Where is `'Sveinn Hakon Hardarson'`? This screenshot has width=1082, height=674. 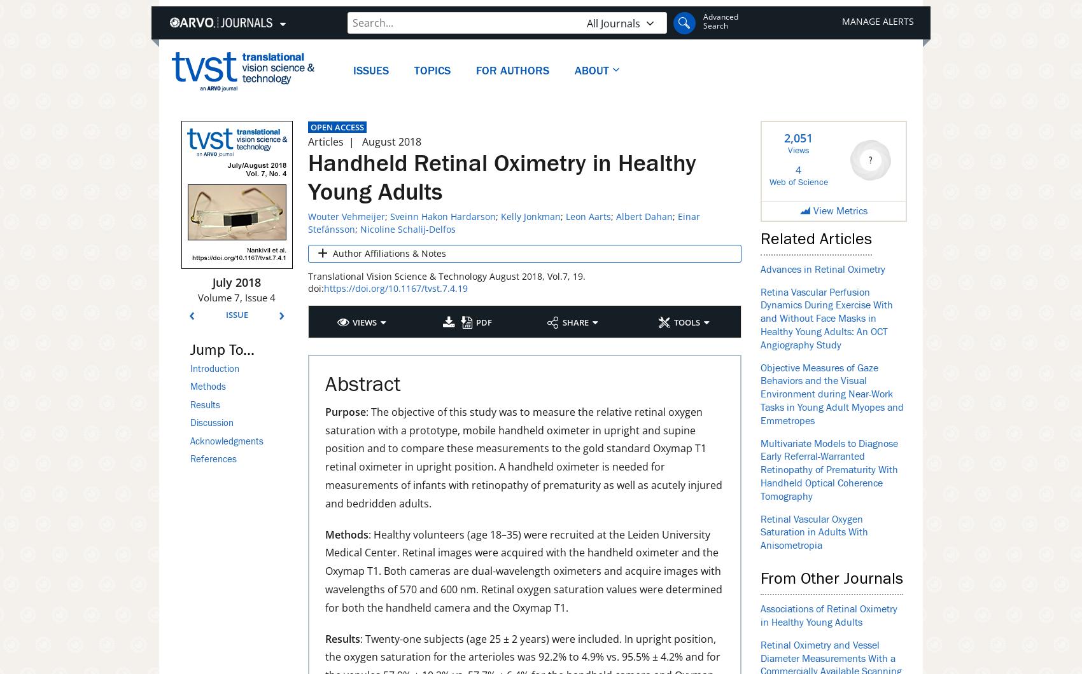
'Sveinn Hakon Hardarson' is located at coordinates (442, 216).